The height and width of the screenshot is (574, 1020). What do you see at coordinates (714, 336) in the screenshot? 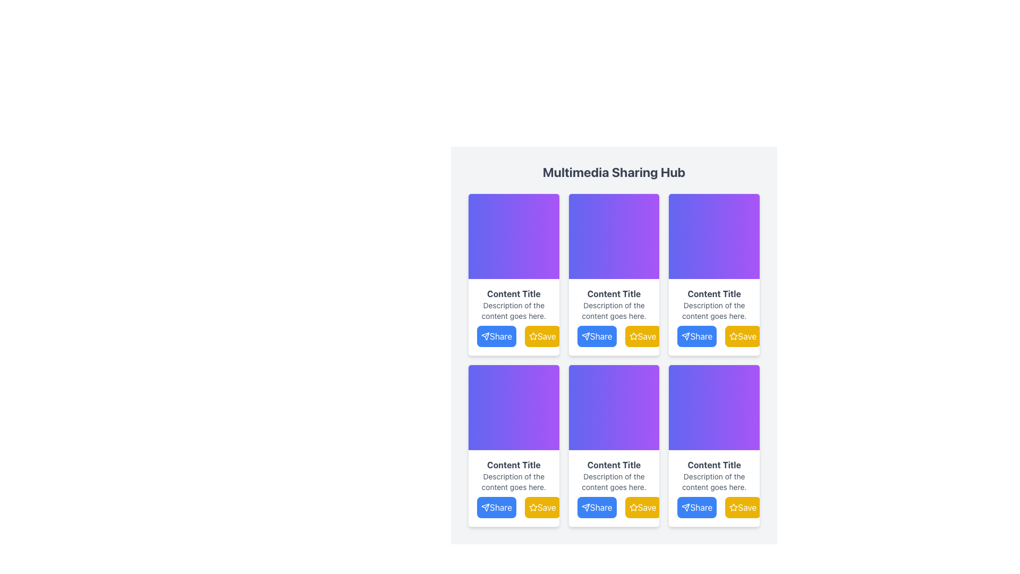
I see `the first button located at the bottom of the content card` at bounding box center [714, 336].